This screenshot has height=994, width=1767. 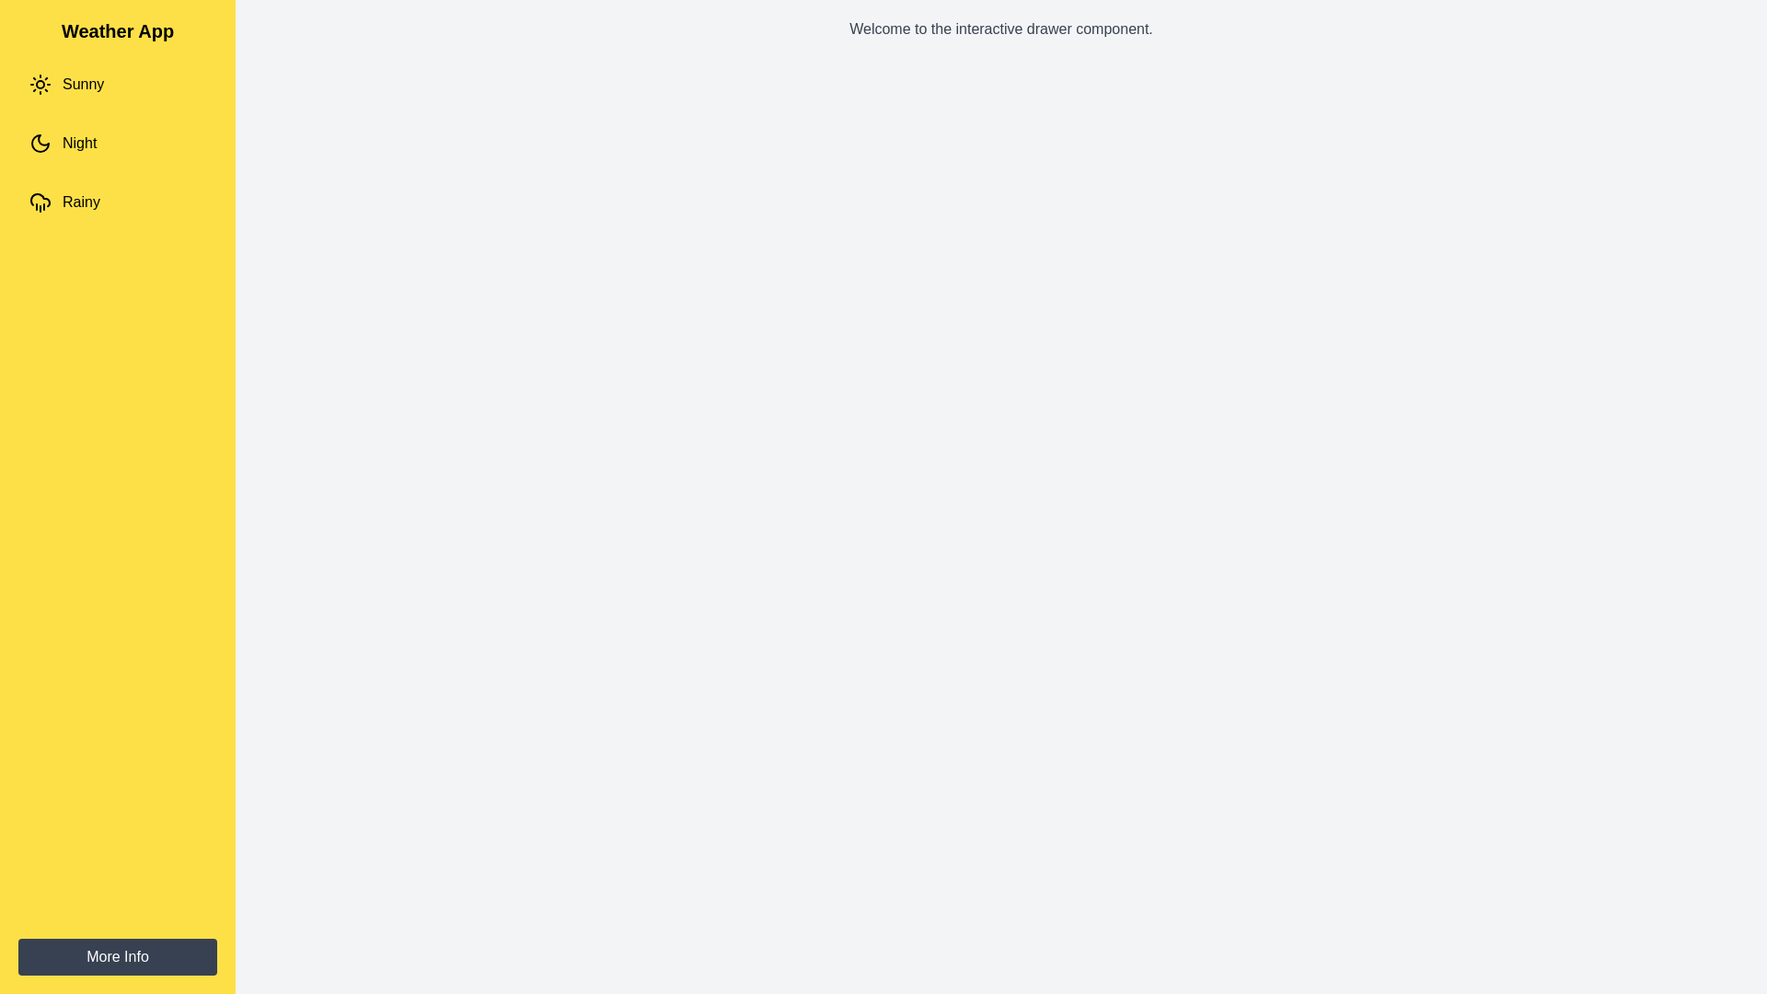 I want to click on the 'Night' icon in the menu, which is the second item in the vertical list on the left section of the interface, so click(x=40, y=142).